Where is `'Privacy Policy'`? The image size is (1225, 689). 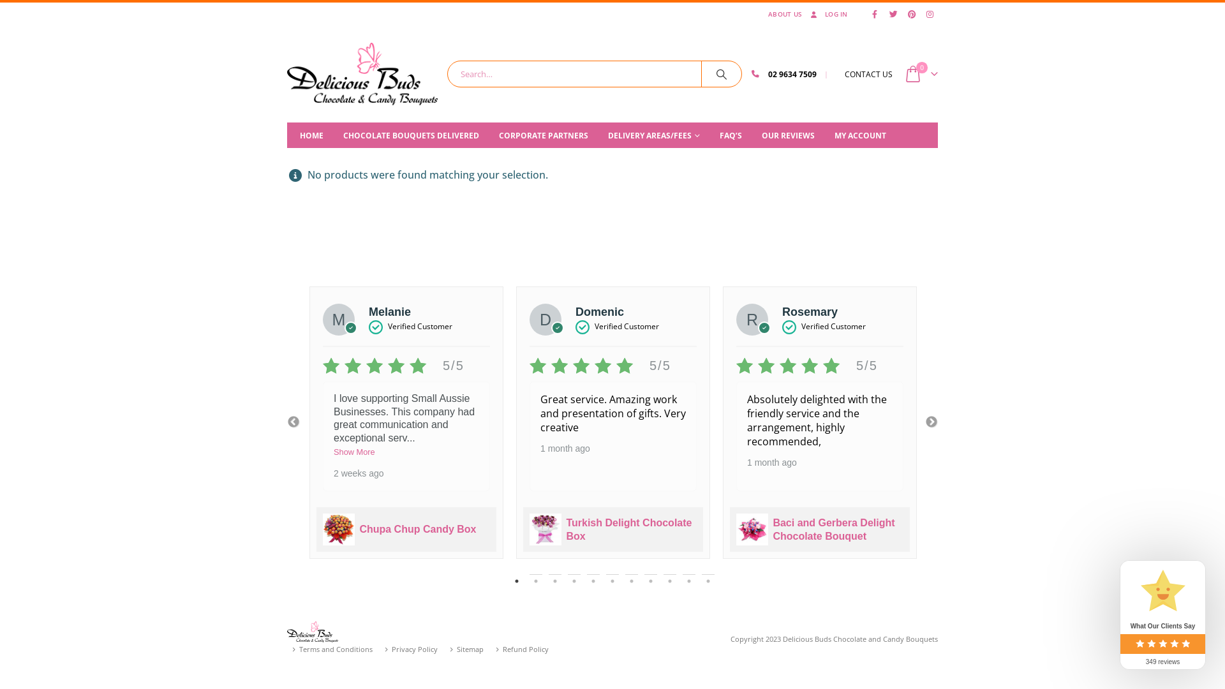
'Privacy Policy' is located at coordinates (414, 649).